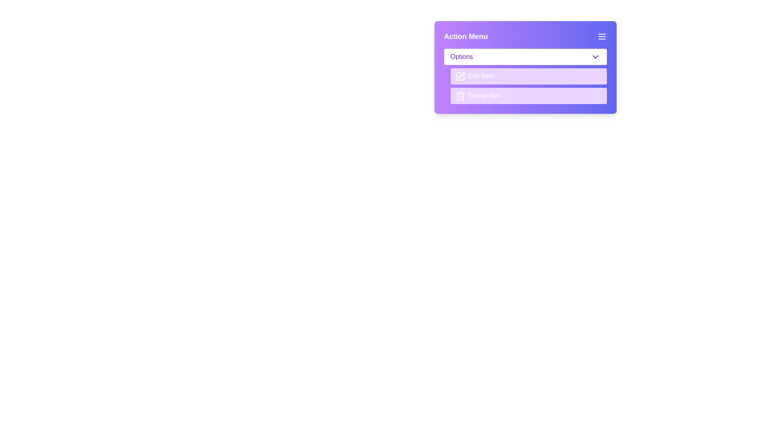 The width and height of the screenshot is (781, 439). I want to click on the decorative icon that resembles a combination of a square and a pen, located to the left of the 'Edit Item' text in the Action Menu UI, so click(460, 76).